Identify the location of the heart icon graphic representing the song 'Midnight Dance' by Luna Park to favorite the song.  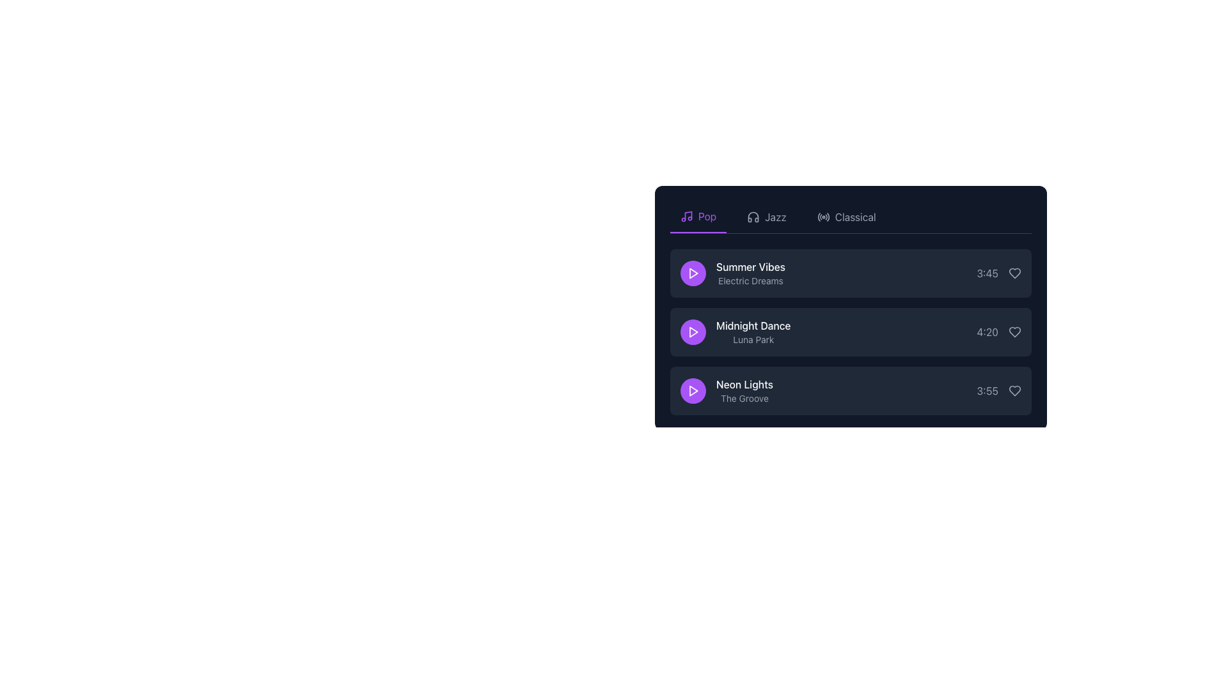
(1014, 332).